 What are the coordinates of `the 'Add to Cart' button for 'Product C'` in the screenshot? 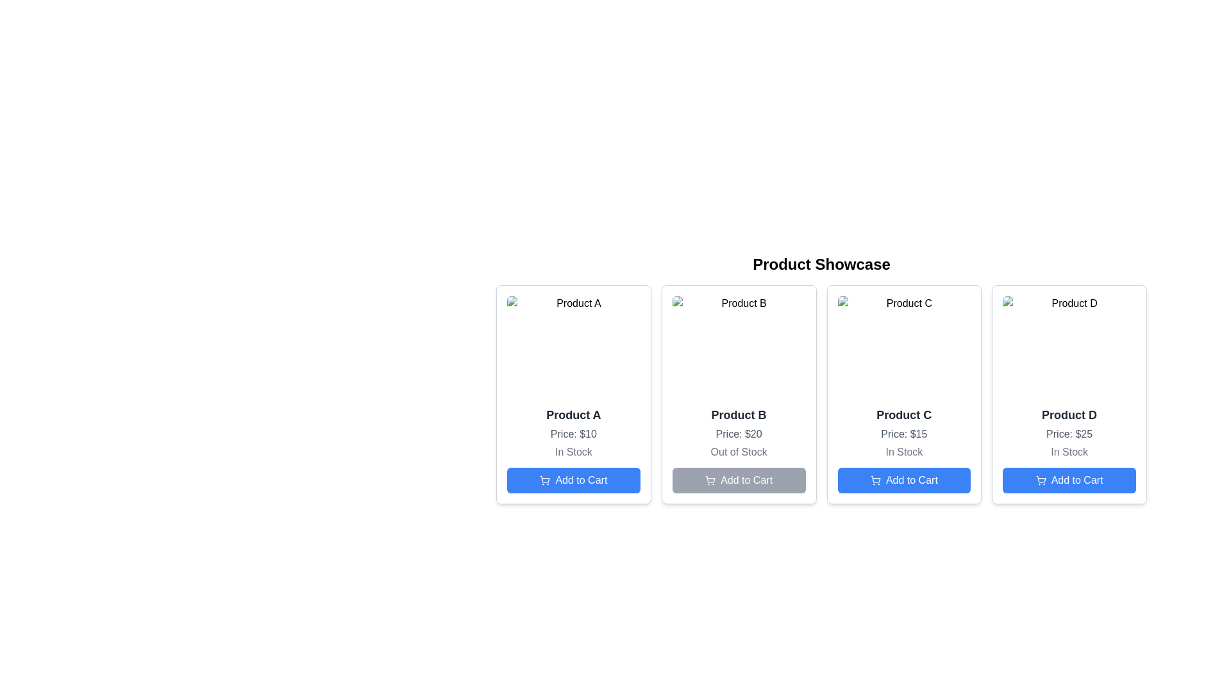 It's located at (903, 480).